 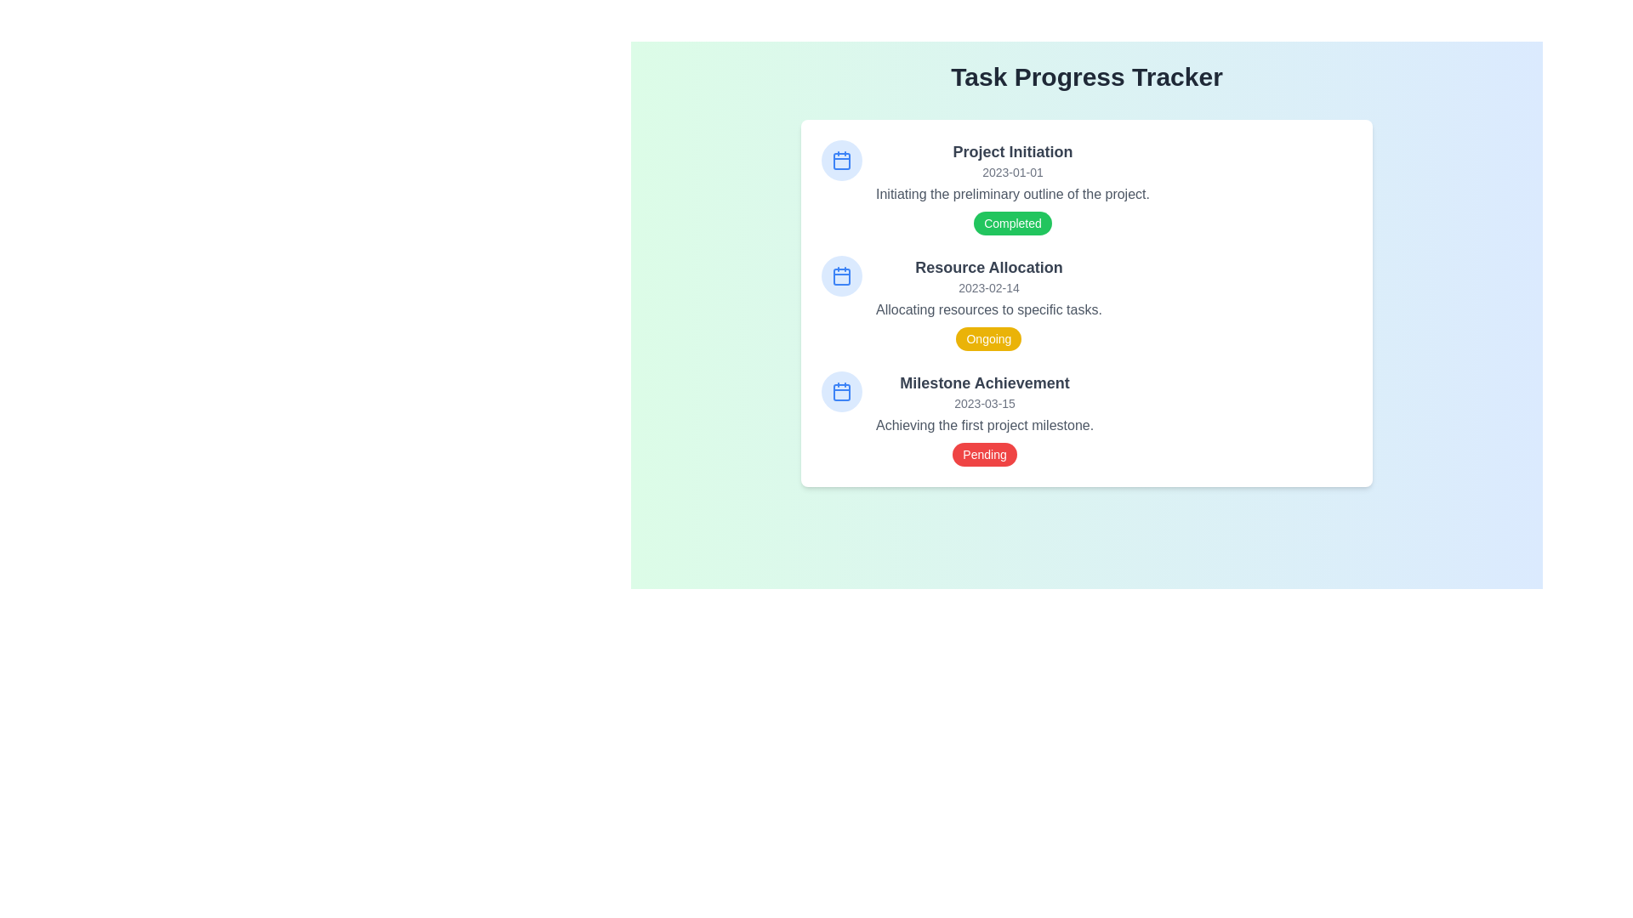 What do you see at coordinates (988, 287) in the screenshot?
I see `the text displaying '2023-02-14' located beneath the 'Resource Allocation' title for accessibility readers` at bounding box center [988, 287].